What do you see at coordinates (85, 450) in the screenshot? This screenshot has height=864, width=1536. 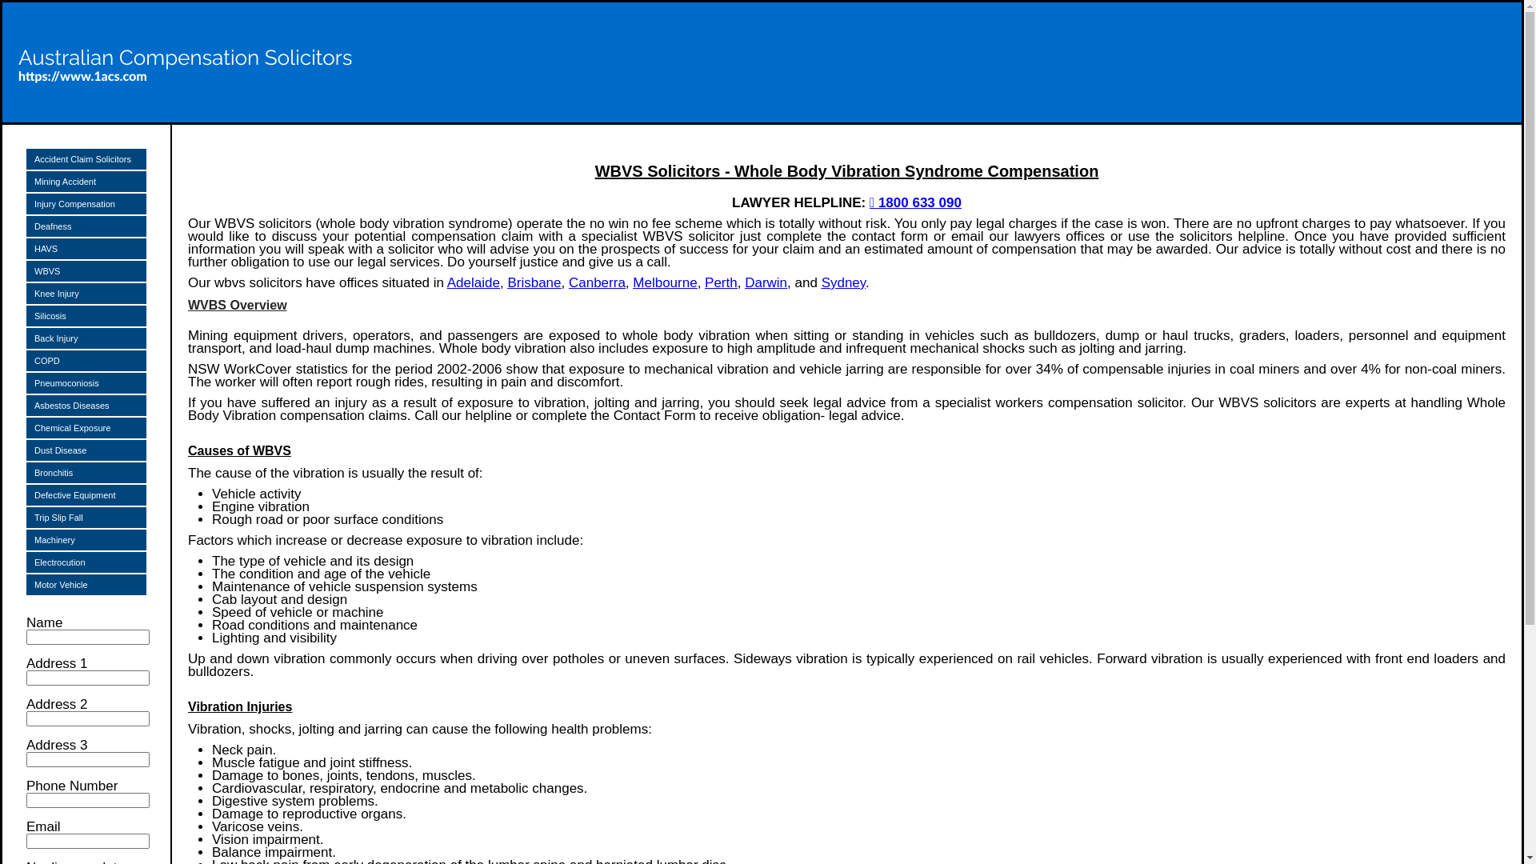 I see `'Dust Disease'` at bounding box center [85, 450].